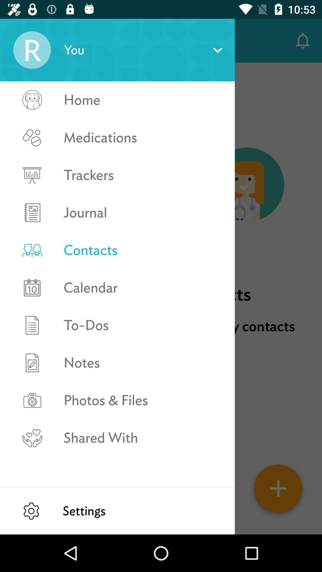  Describe the element at coordinates (32, 156) in the screenshot. I see `medications selection` at that location.